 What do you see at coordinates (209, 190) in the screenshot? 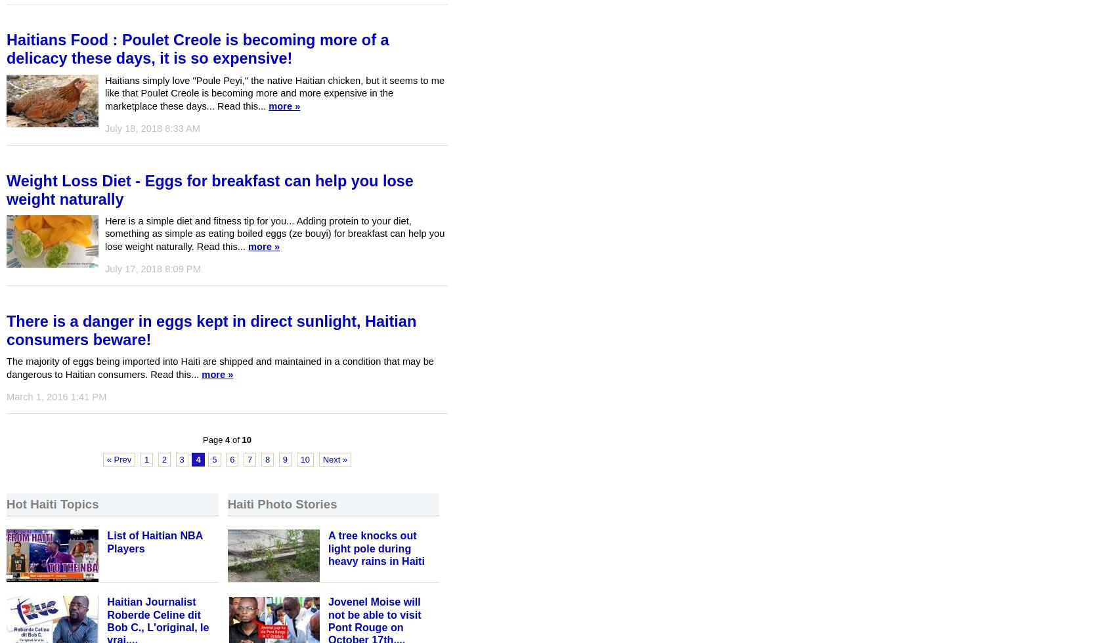
I see `'Weight Loss Diet - Eggs for breakfast can help you lose weight naturally'` at bounding box center [209, 190].